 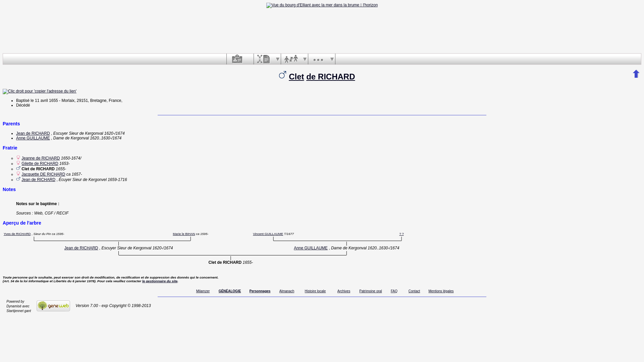 What do you see at coordinates (40, 158) in the screenshot?
I see `'Jeanne de RICHARD'` at bounding box center [40, 158].